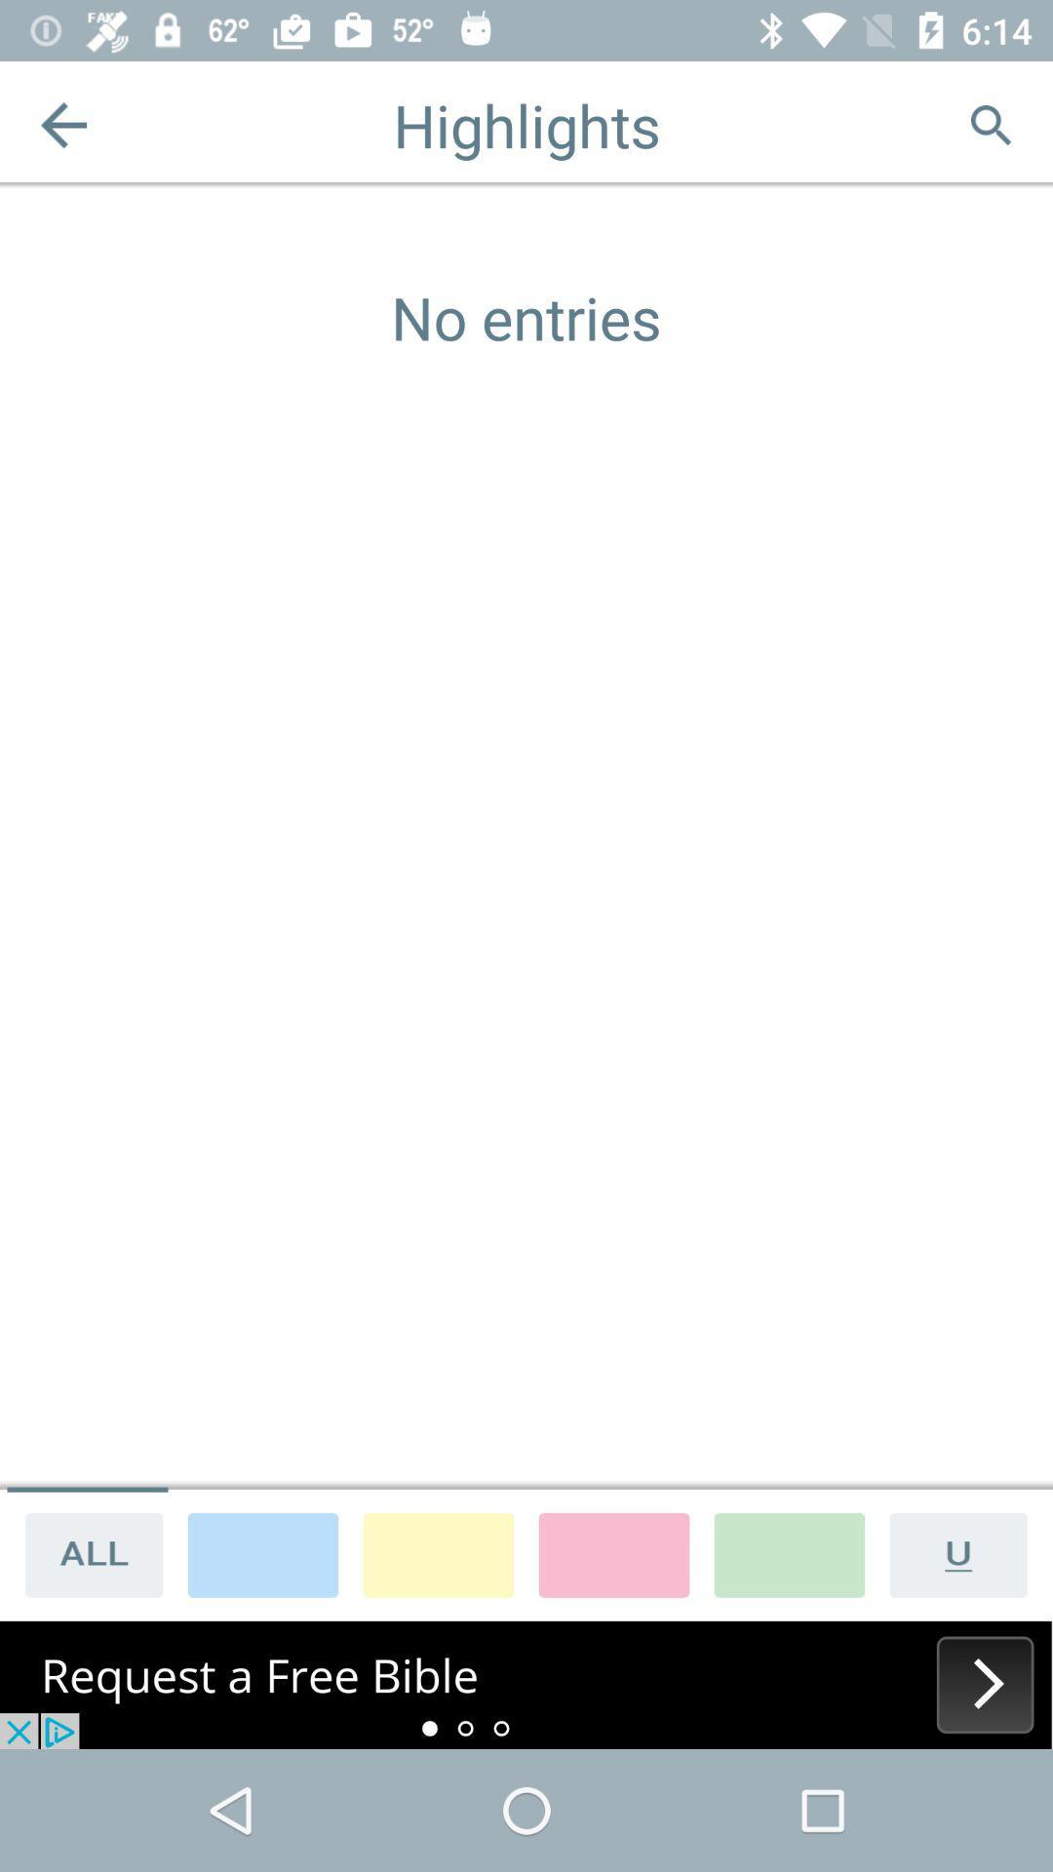  Describe the element at coordinates (990, 124) in the screenshot. I see `search option` at that location.